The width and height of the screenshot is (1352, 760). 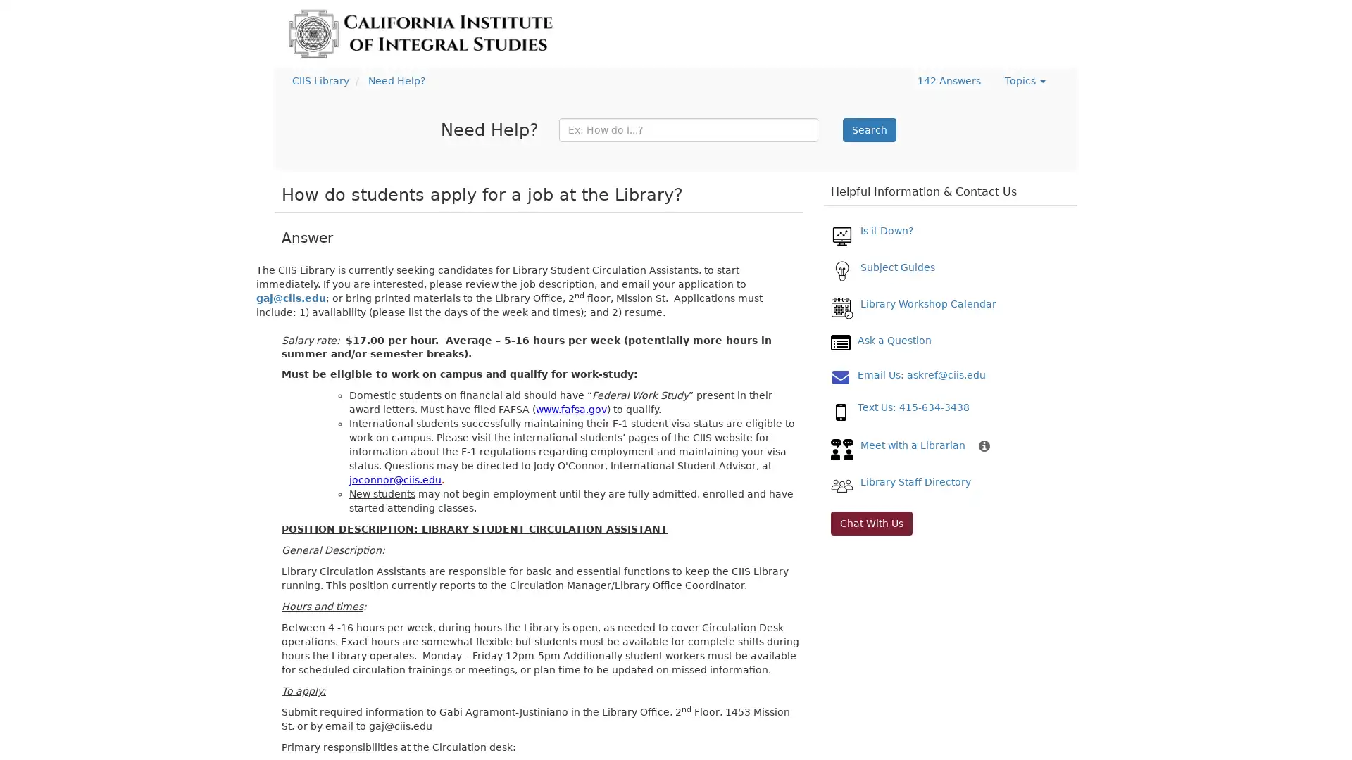 What do you see at coordinates (871, 524) in the screenshot?
I see `Chat With Us` at bounding box center [871, 524].